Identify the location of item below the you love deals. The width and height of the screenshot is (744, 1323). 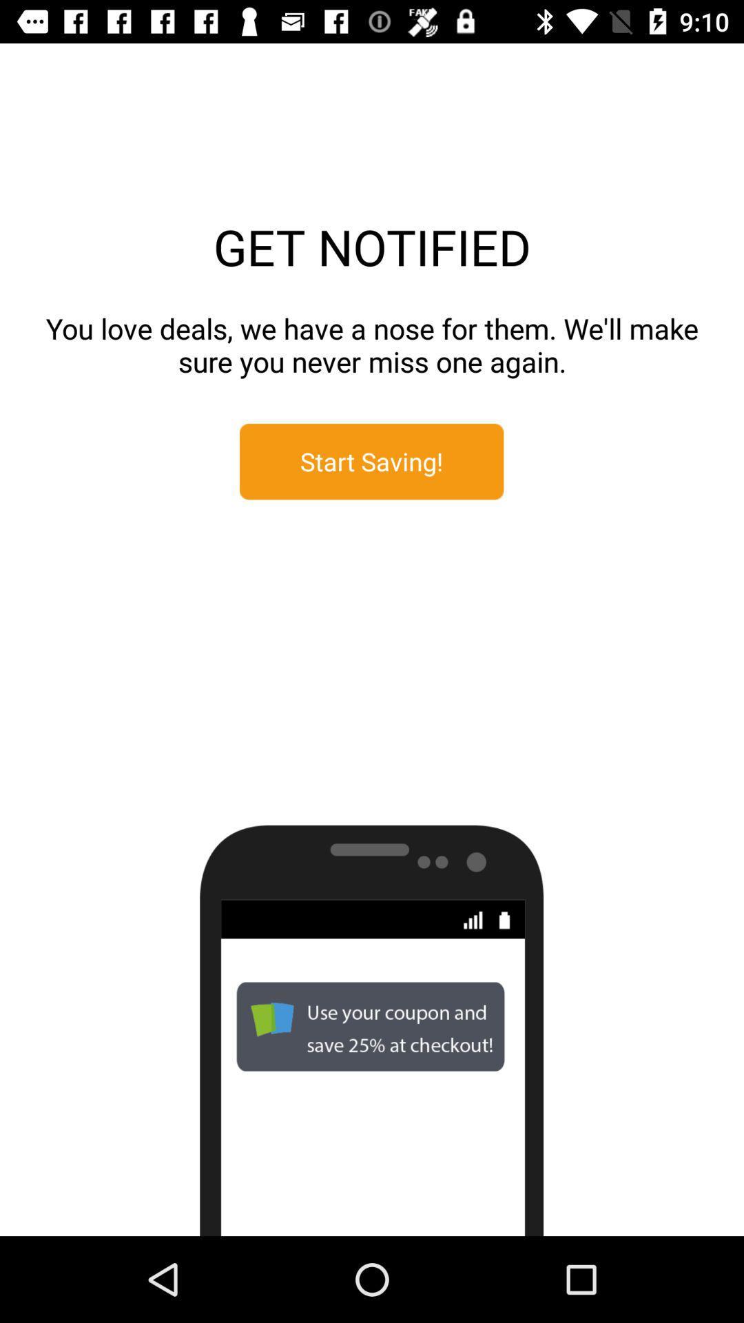
(371, 462).